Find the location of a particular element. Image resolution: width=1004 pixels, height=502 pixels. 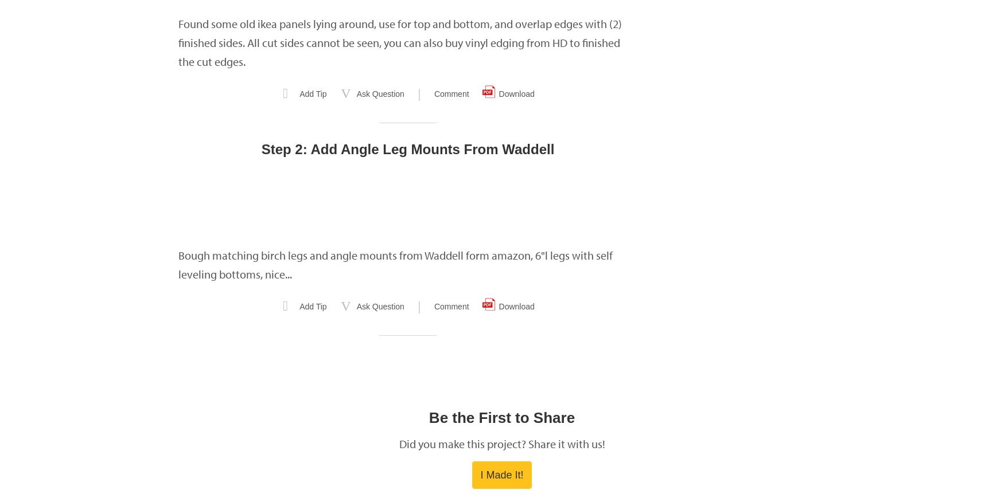

'I Made It!' is located at coordinates (501, 474).